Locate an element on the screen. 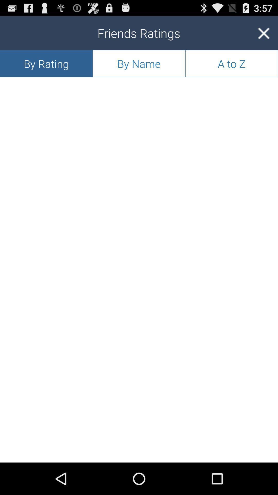 The width and height of the screenshot is (278, 495). the item next to by name icon is located at coordinates (264, 33).